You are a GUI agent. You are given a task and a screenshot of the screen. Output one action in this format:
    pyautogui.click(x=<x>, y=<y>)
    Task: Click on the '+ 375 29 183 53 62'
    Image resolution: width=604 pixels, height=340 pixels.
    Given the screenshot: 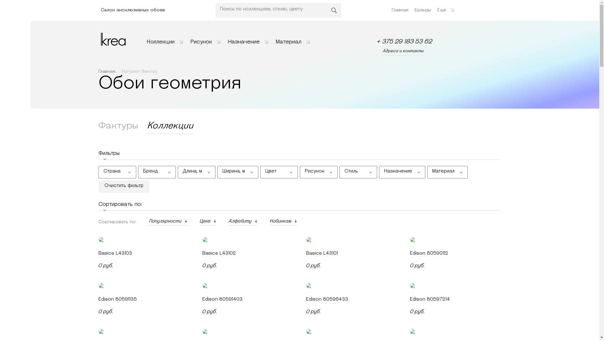 What is the action you would take?
    pyautogui.click(x=376, y=42)
    